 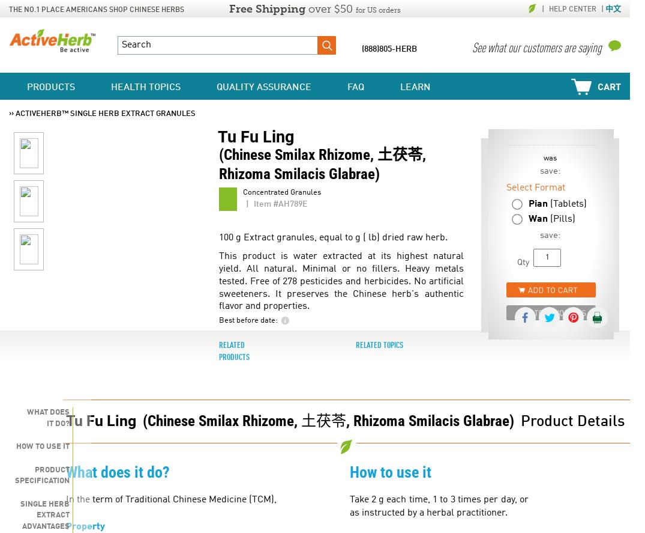 What do you see at coordinates (21, 525) in the screenshot?
I see `'Advantages'` at bounding box center [21, 525].